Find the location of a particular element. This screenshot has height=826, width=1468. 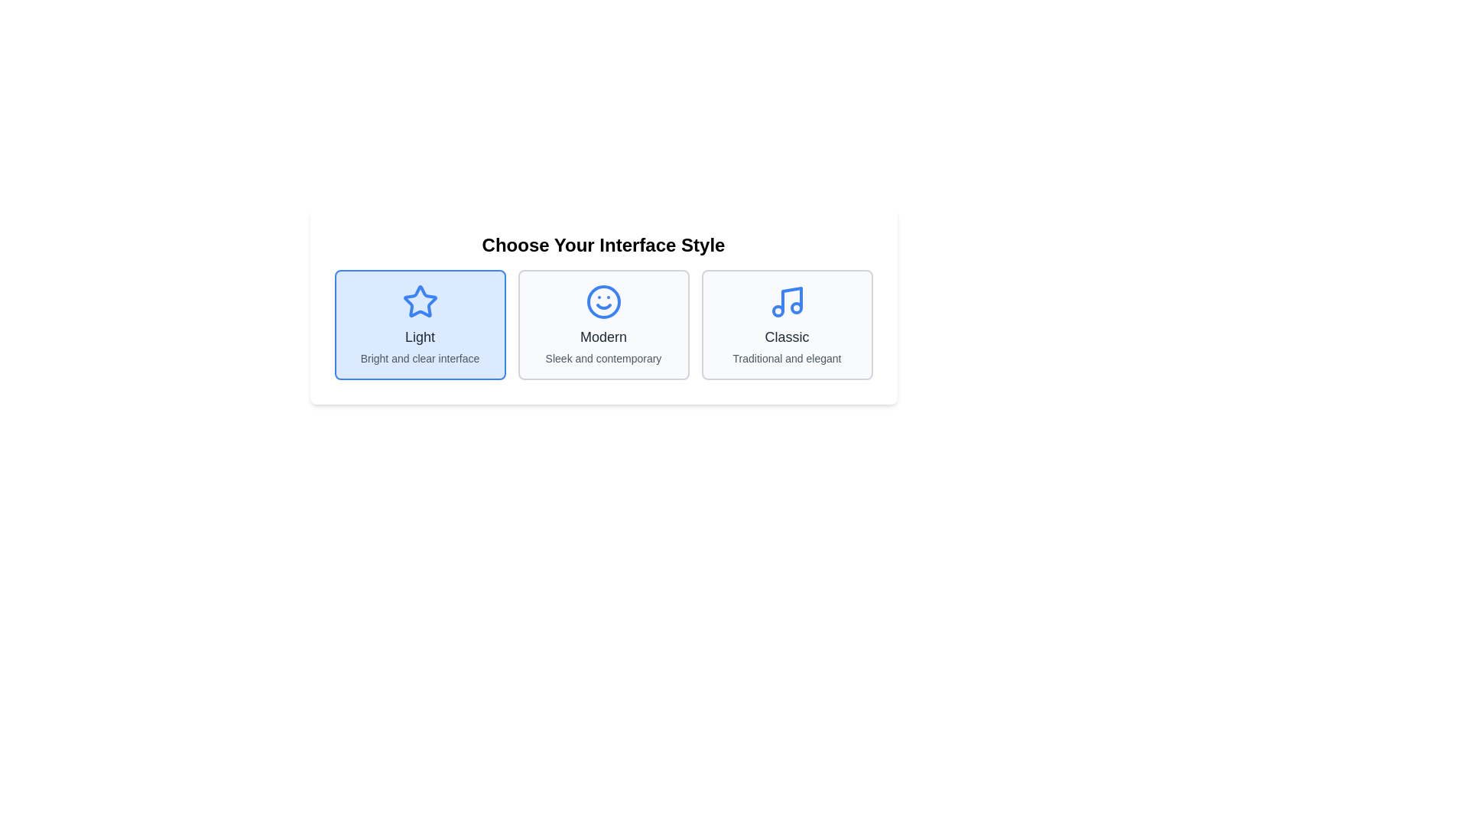

the 'Classic' interface style icon, which is the rightmost icon among the three interface styles displayed is located at coordinates (787, 301).